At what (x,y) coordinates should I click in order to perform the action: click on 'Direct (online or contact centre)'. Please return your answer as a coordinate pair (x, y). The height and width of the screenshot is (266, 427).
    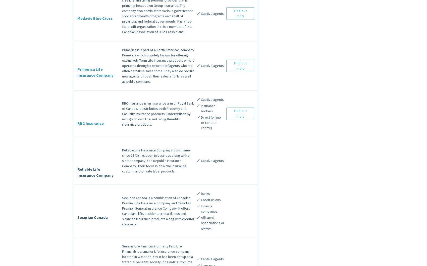
    Looking at the image, I should click on (210, 123).